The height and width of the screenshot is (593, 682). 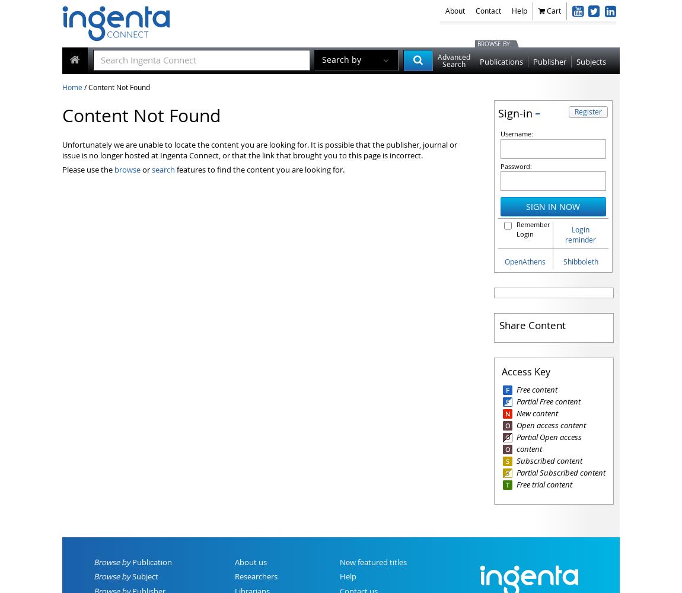 I want to click on 'Advanced', so click(x=453, y=56).